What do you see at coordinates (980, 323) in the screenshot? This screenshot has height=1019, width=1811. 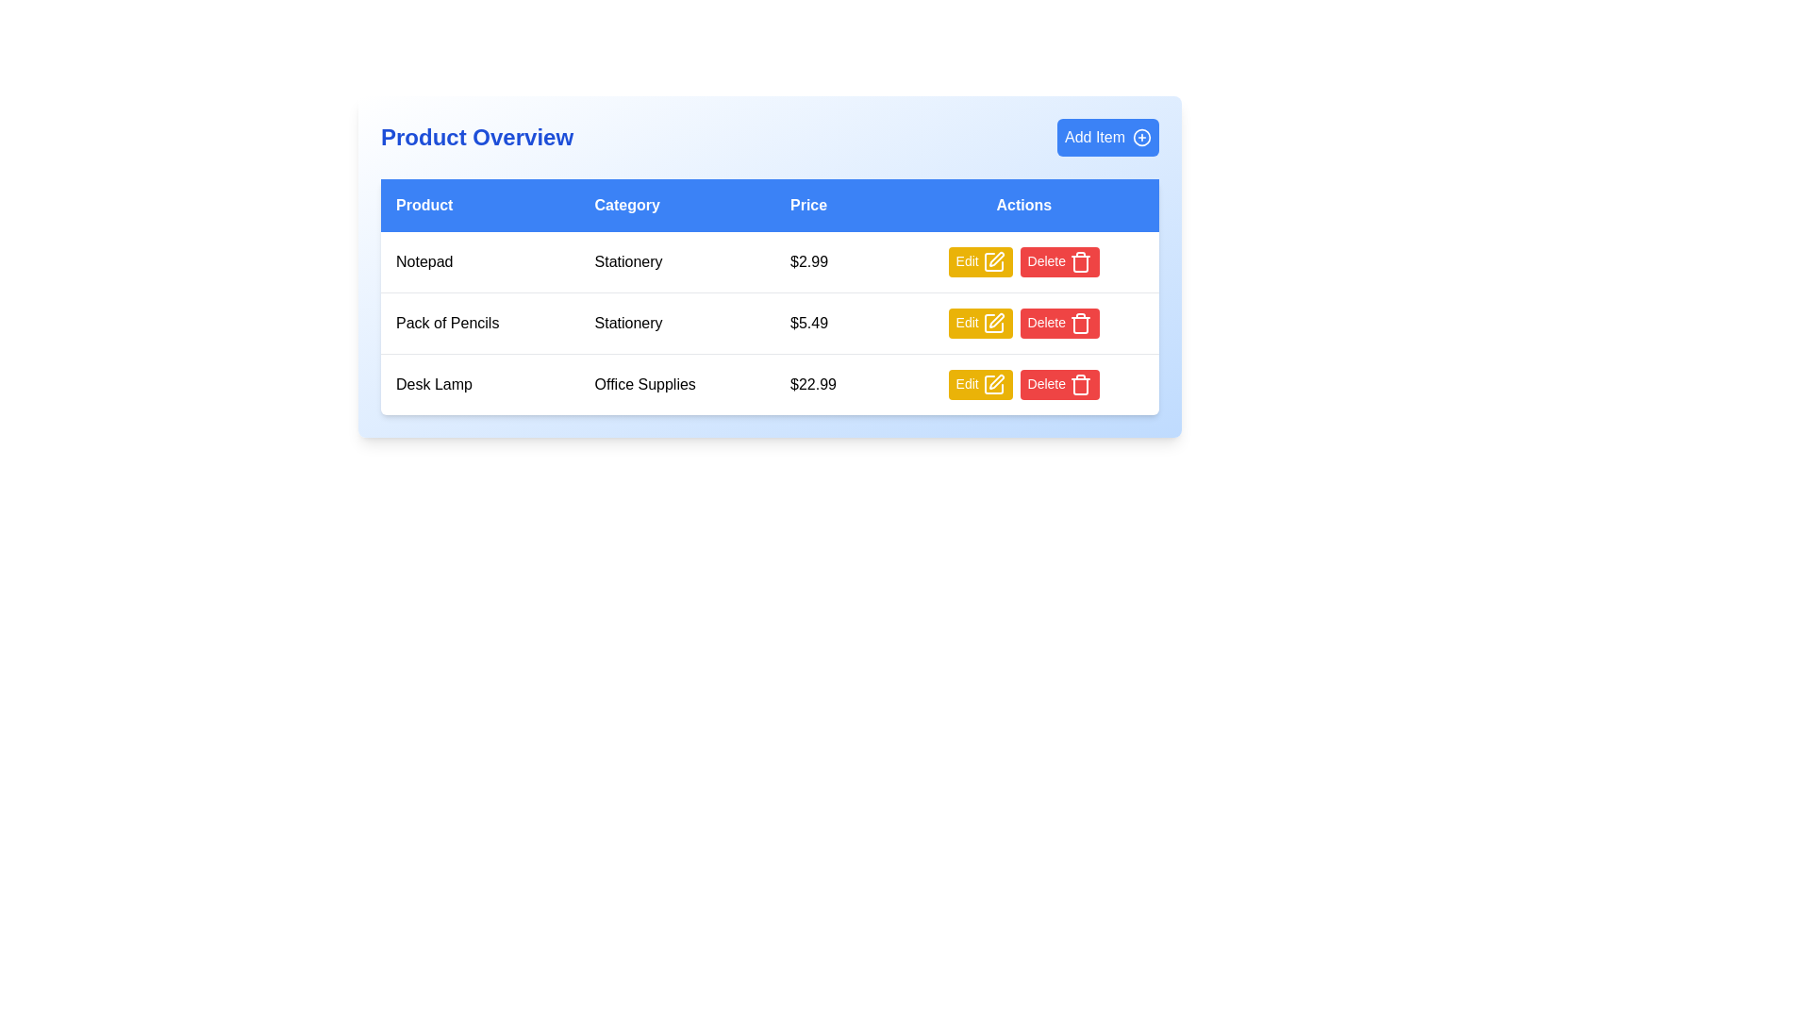 I see `the edit button located in the 'Actions' column of the second row in the table` at bounding box center [980, 323].